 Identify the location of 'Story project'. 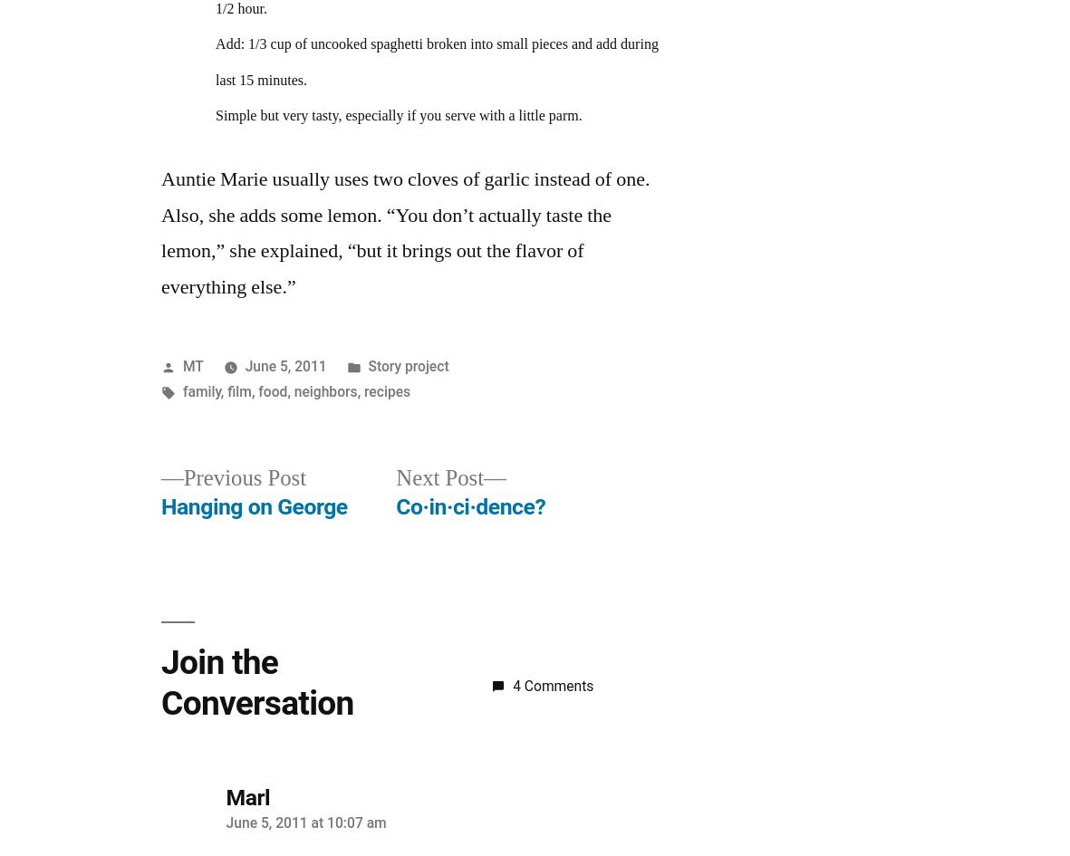
(408, 365).